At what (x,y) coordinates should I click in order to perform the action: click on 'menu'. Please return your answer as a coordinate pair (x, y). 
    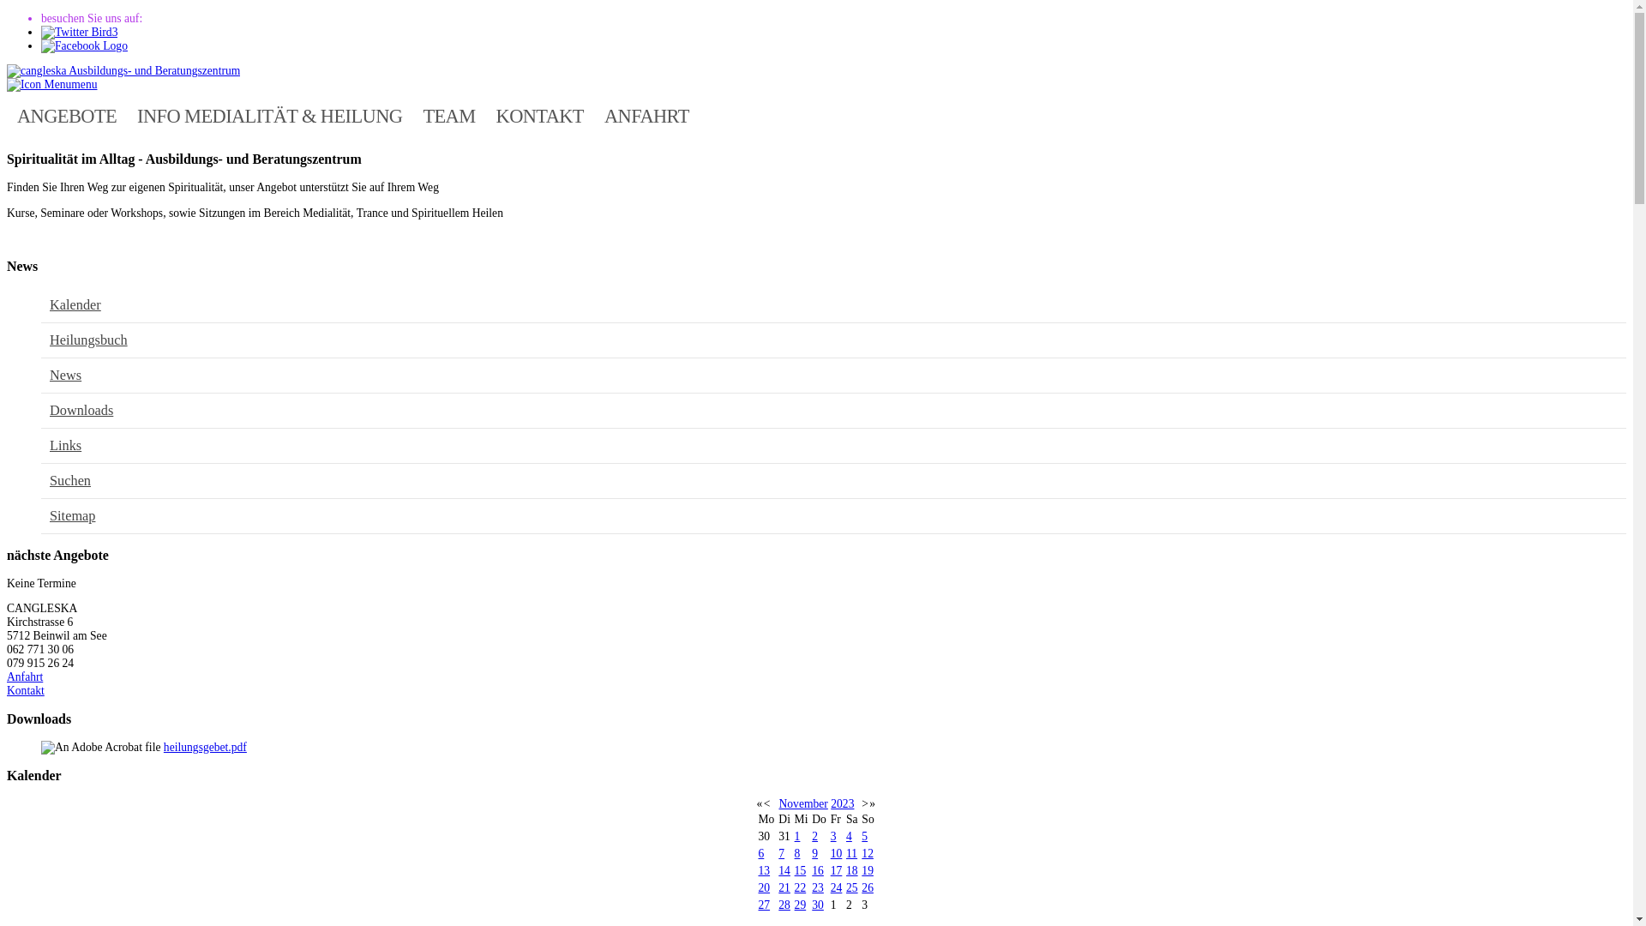
    Looking at the image, I should click on (7, 84).